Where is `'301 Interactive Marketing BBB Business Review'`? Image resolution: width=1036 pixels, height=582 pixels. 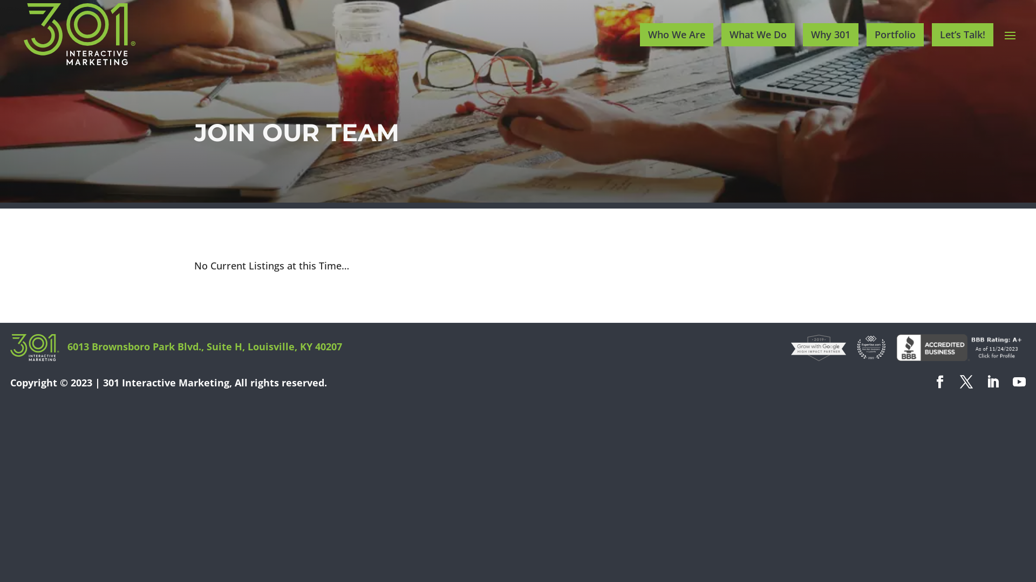 '301 Interactive Marketing BBB Business Review' is located at coordinates (958, 357).